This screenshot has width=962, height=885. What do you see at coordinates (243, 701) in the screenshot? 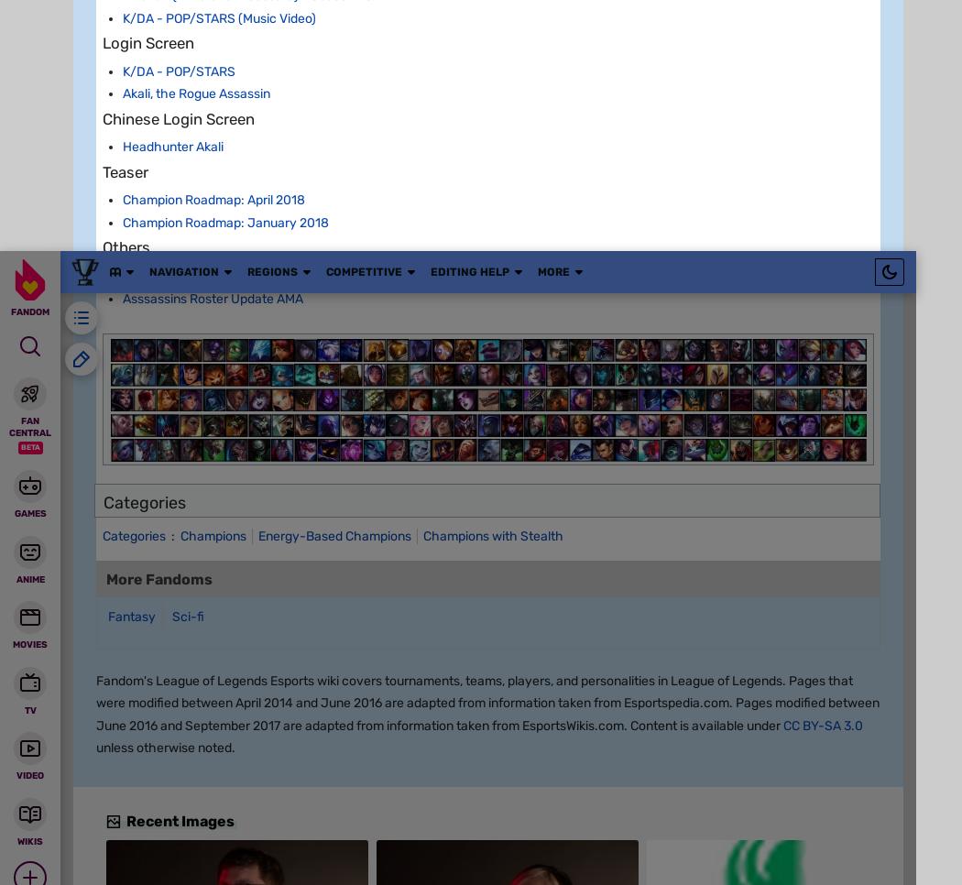
I see `'[26.38]'` at bounding box center [243, 701].